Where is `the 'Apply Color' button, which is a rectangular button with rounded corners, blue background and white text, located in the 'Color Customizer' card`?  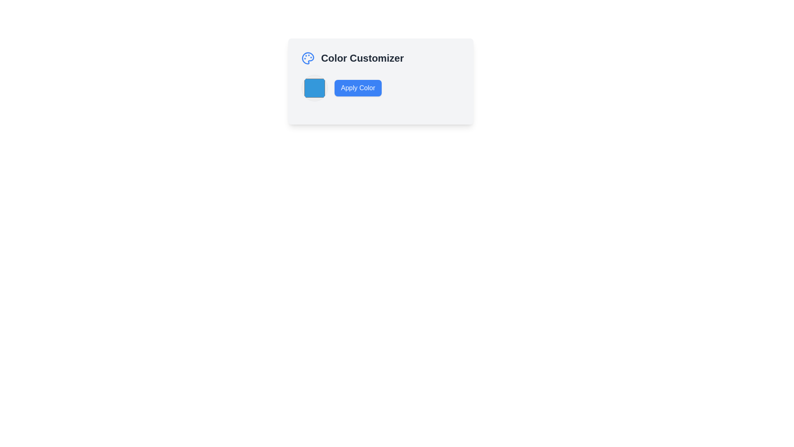 the 'Apply Color' button, which is a rectangular button with rounded corners, blue background and white text, located in the 'Color Customizer' card is located at coordinates (358, 88).